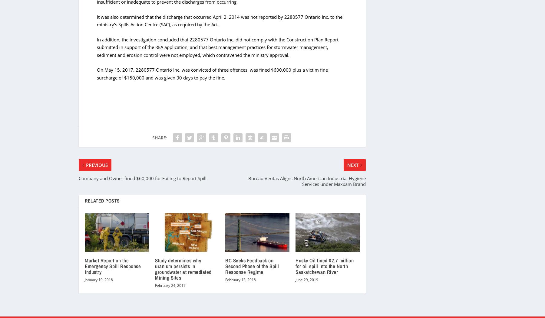  Describe the element at coordinates (98, 279) in the screenshot. I see `'January 10, 2018'` at that location.